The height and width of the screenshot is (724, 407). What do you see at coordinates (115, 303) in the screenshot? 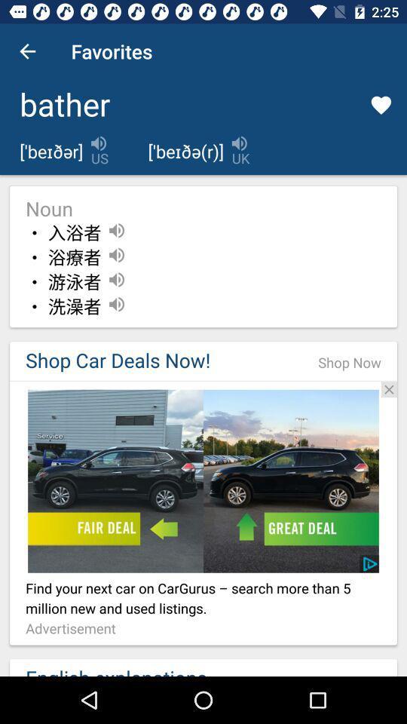
I see `the first volume button from bottom of the page` at bounding box center [115, 303].